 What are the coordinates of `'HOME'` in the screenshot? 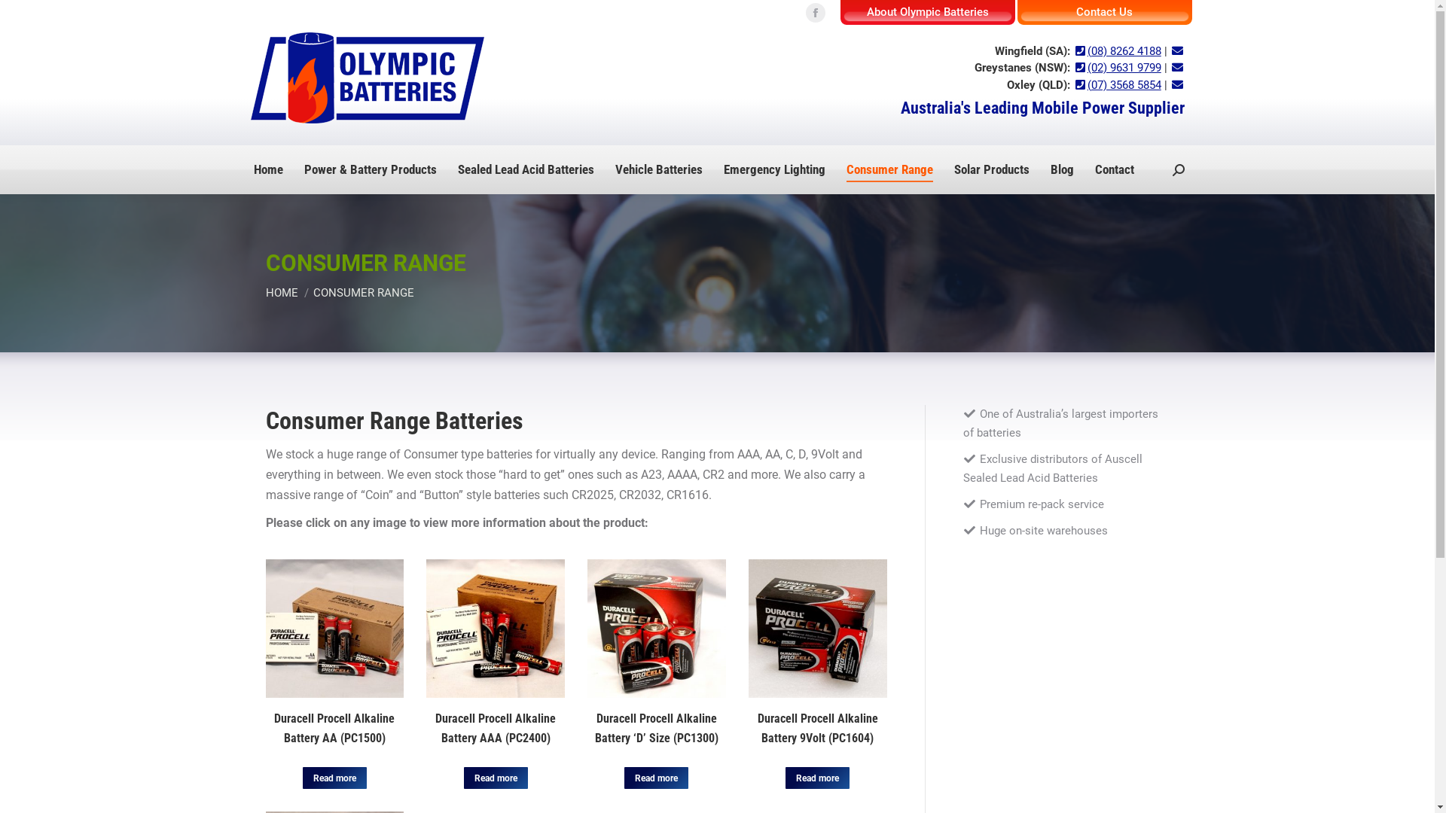 It's located at (281, 293).